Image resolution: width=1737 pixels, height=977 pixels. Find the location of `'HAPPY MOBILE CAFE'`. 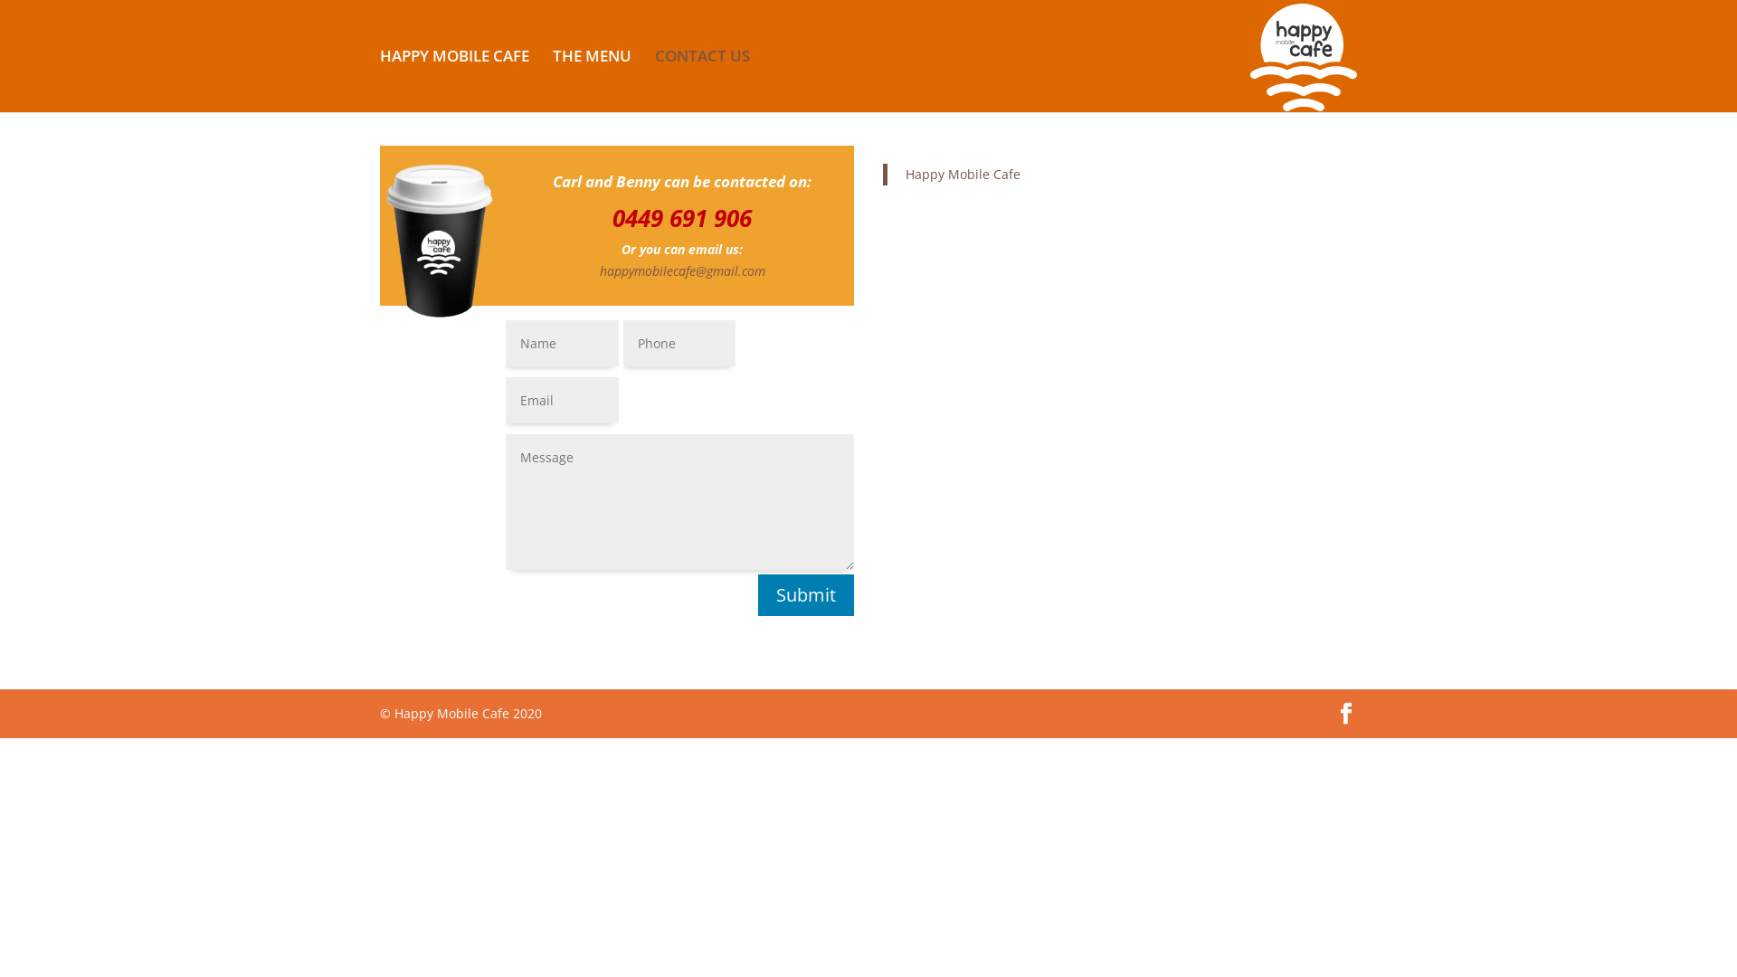

'HAPPY MOBILE CAFE' is located at coordinates (379, 80).